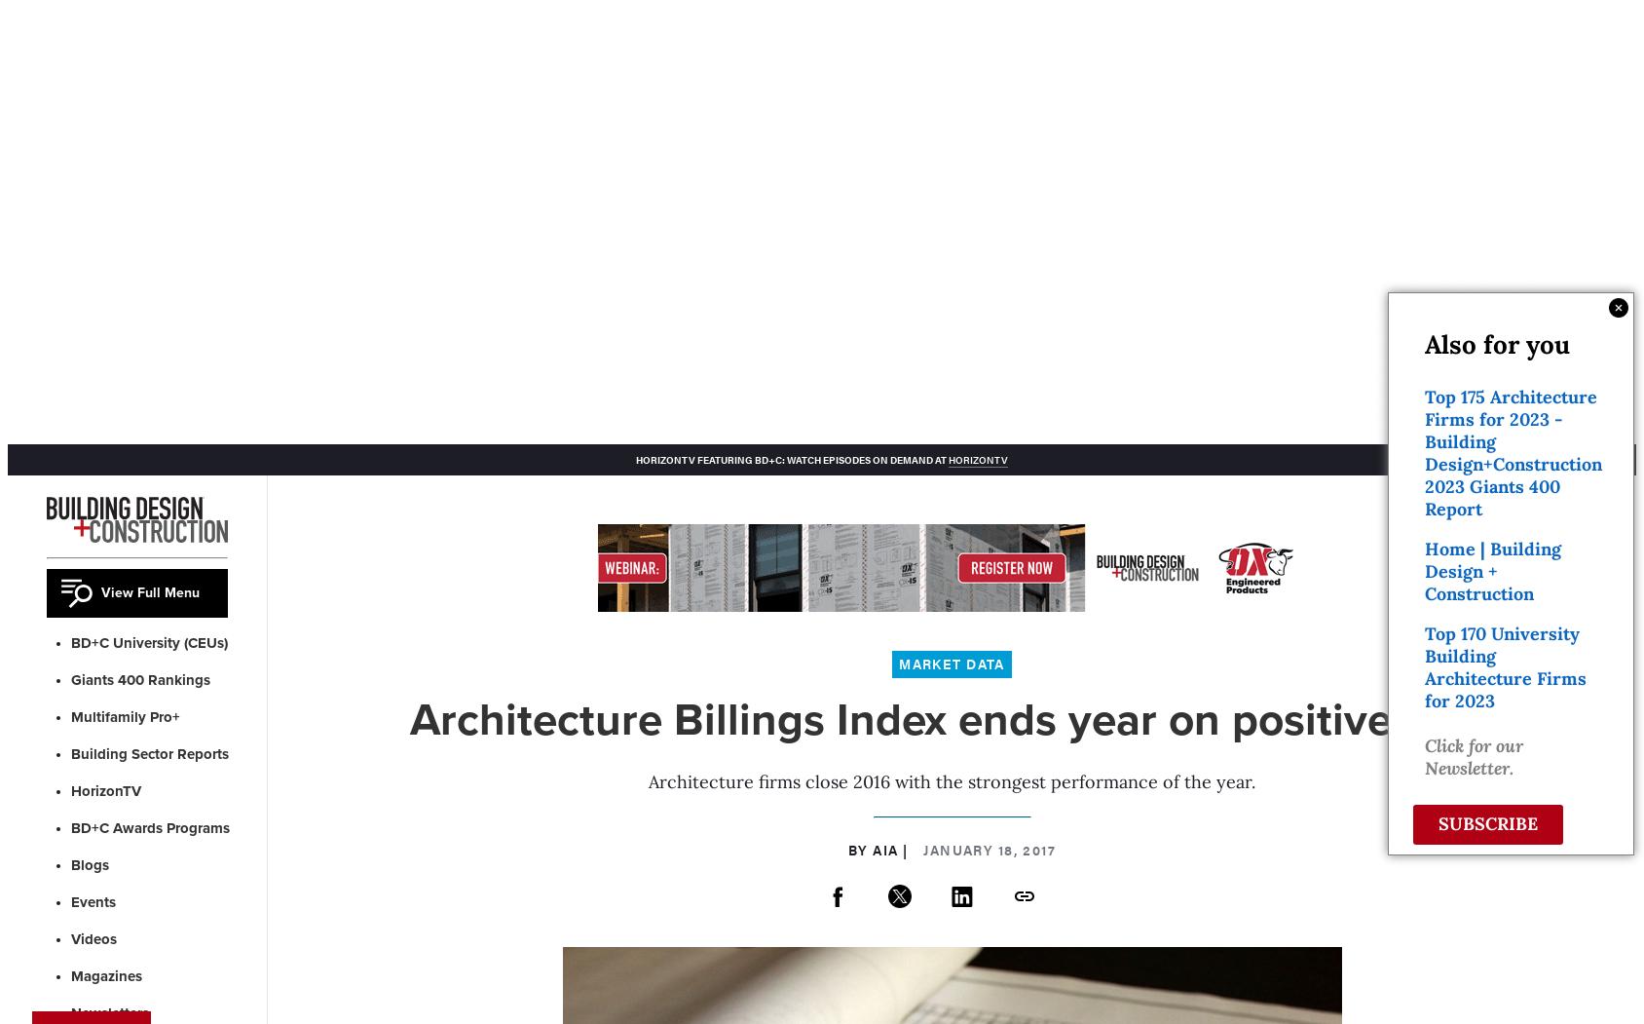  What do you see at coordinates (952, 664) in the screenshot?
I see `'Market Data'` at bounding box center [952, 664].